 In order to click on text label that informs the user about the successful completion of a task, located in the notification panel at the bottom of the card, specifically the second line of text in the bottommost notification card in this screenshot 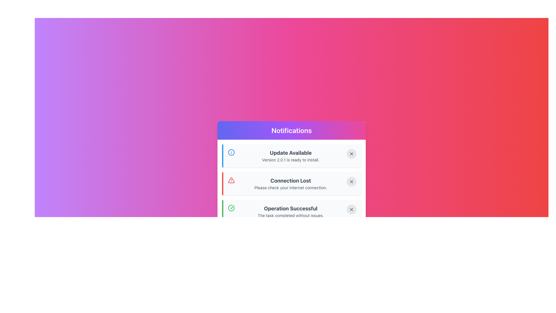, I will do `click(290, 216)`.